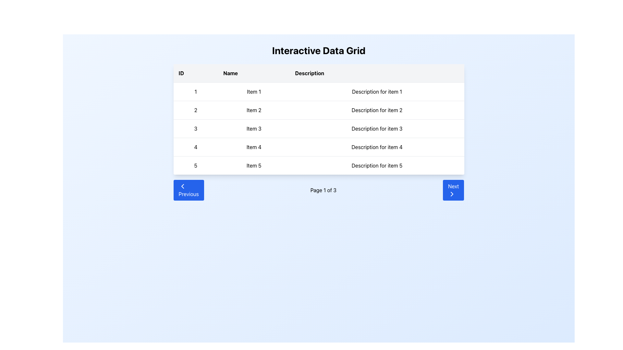 This screenshot has width=623, height=350. Describe the element at coordinates (195, 165) in the screenshot. I see `the static text element displaying the character '5', which is located in the first column of the bottom row under the 'ID' heading in a table layout` at that location.